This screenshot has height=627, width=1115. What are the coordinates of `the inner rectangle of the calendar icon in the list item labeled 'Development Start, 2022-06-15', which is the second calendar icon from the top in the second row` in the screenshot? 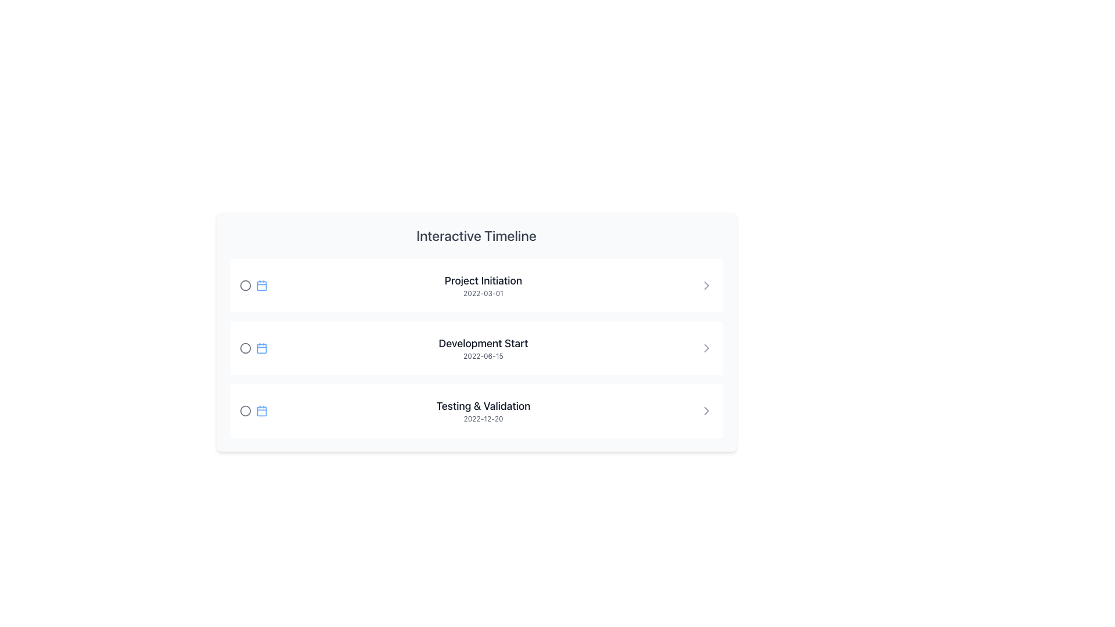 It's located at (261, 348).